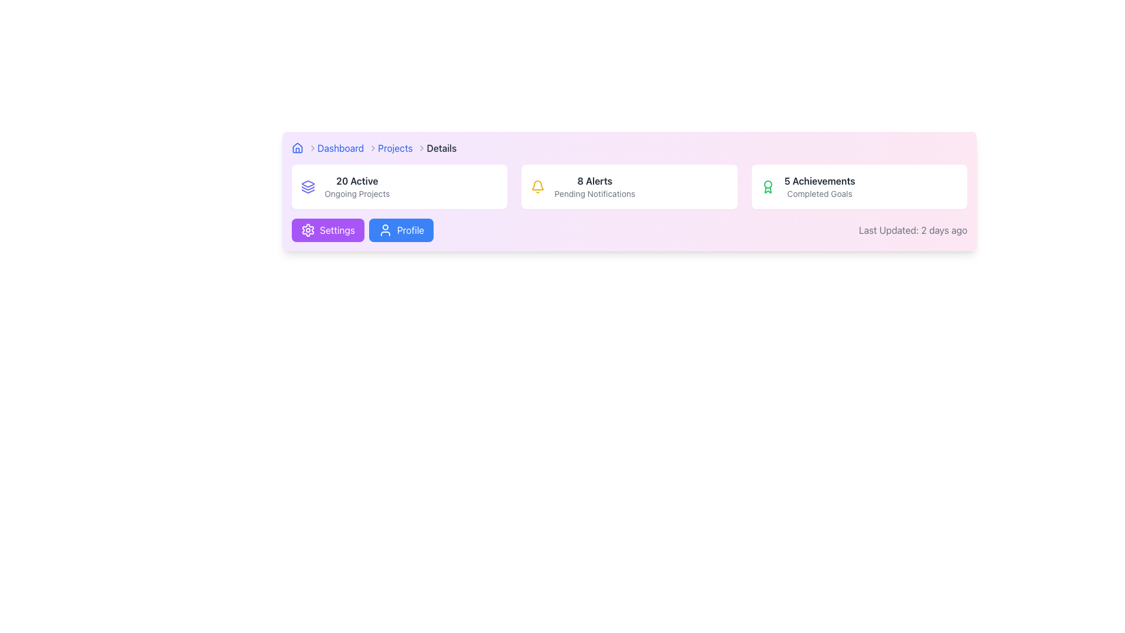 This screenshot has width=1125, height=633. Describe the element at coordinates (768, 186) in the screenshot. I see `the achievements icon located in the top-left section of the rightmost card, adjacent to the text '5 Achievements' and 'Completed Goals'` at that location.